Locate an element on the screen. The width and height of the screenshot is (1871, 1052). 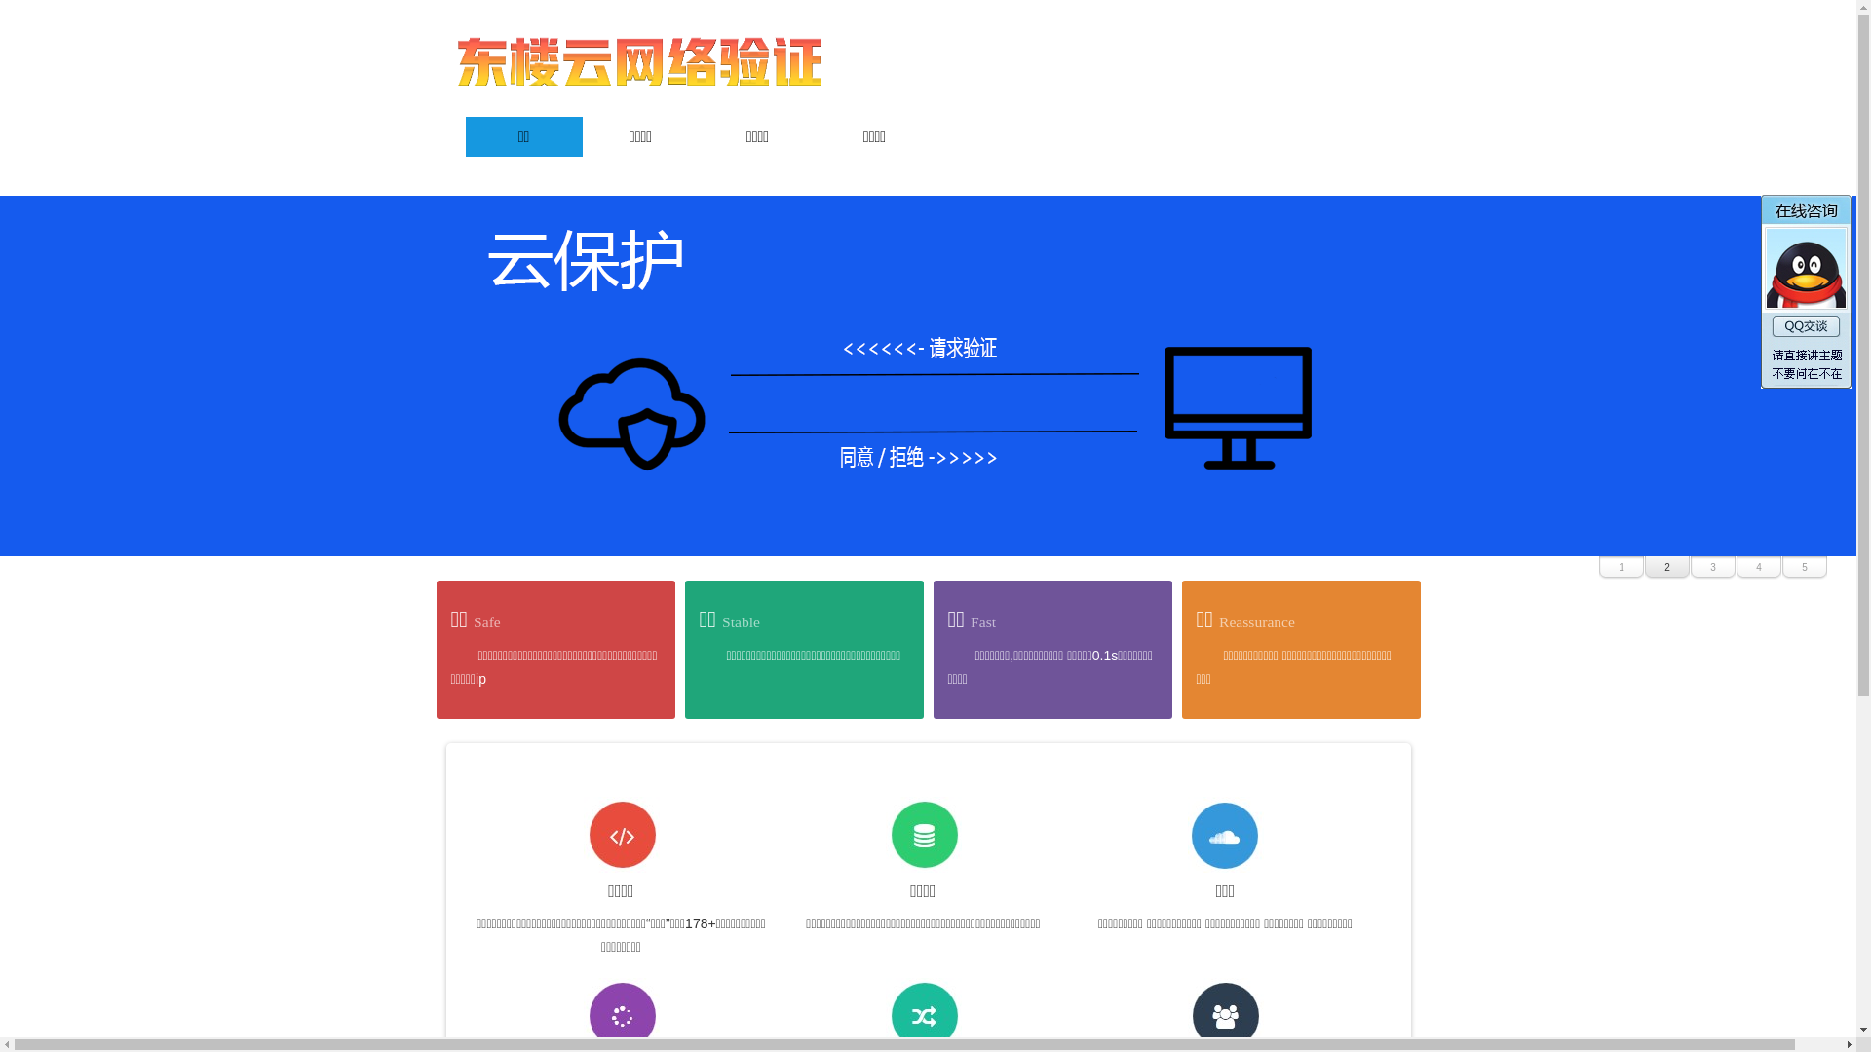
'3' is located at coordinates (1689, 567).